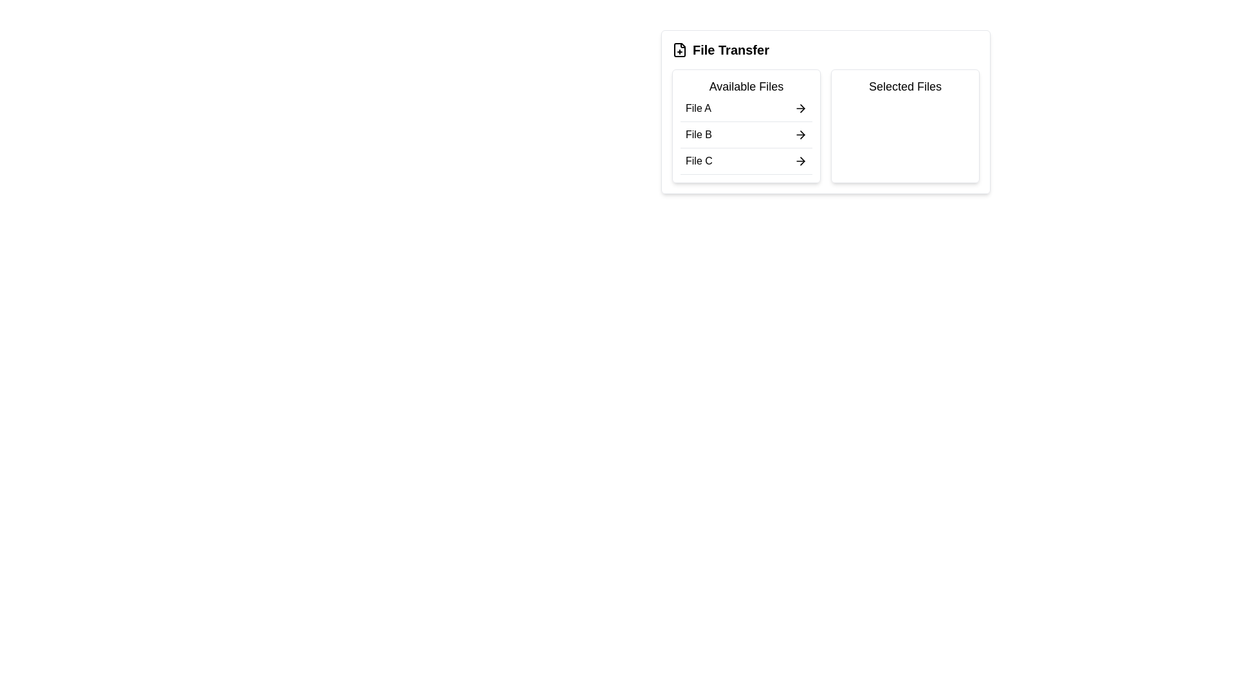  Describe the element at coordinates (800, 134) in the screenshot. I see `the file transfer icon located to the right of 'File B' in the 'Available Files' section of the 'File Transfer' panel to initiate the file transfer` at that location.